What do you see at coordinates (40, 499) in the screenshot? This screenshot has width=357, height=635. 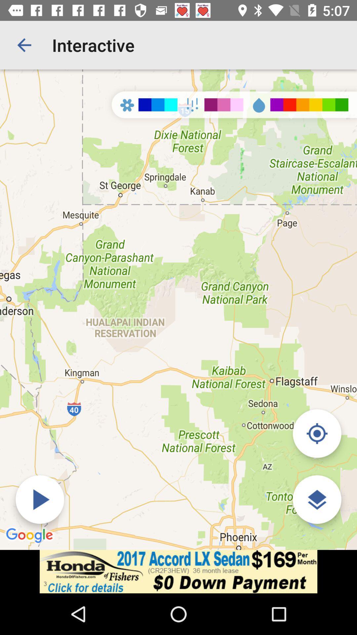 I see `the forword` at bounding box center [40, 499].